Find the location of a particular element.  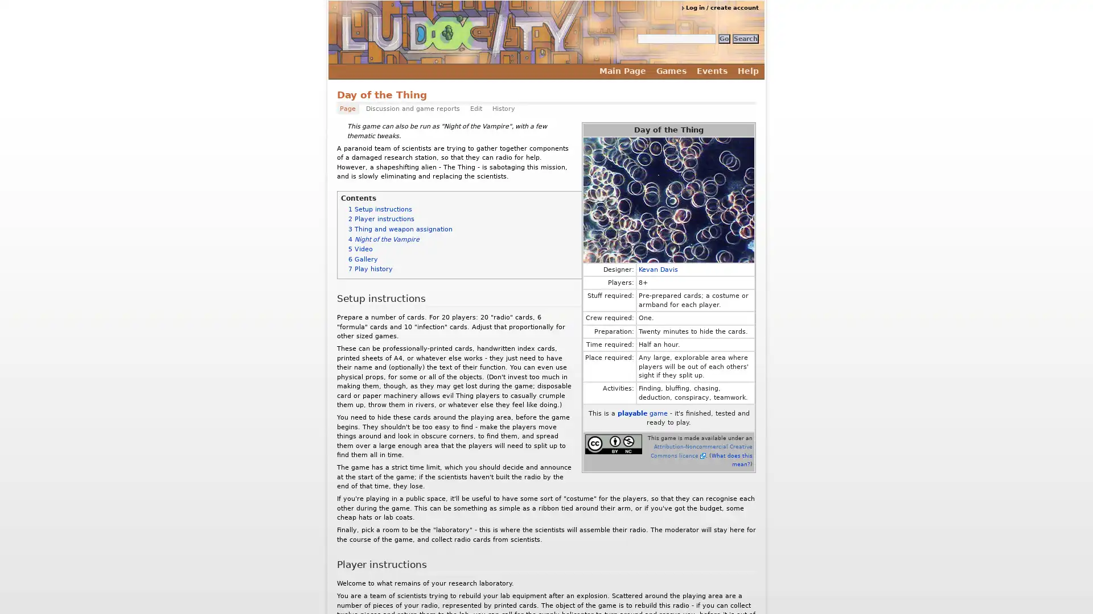

Go is located at coordinates (724, 38).